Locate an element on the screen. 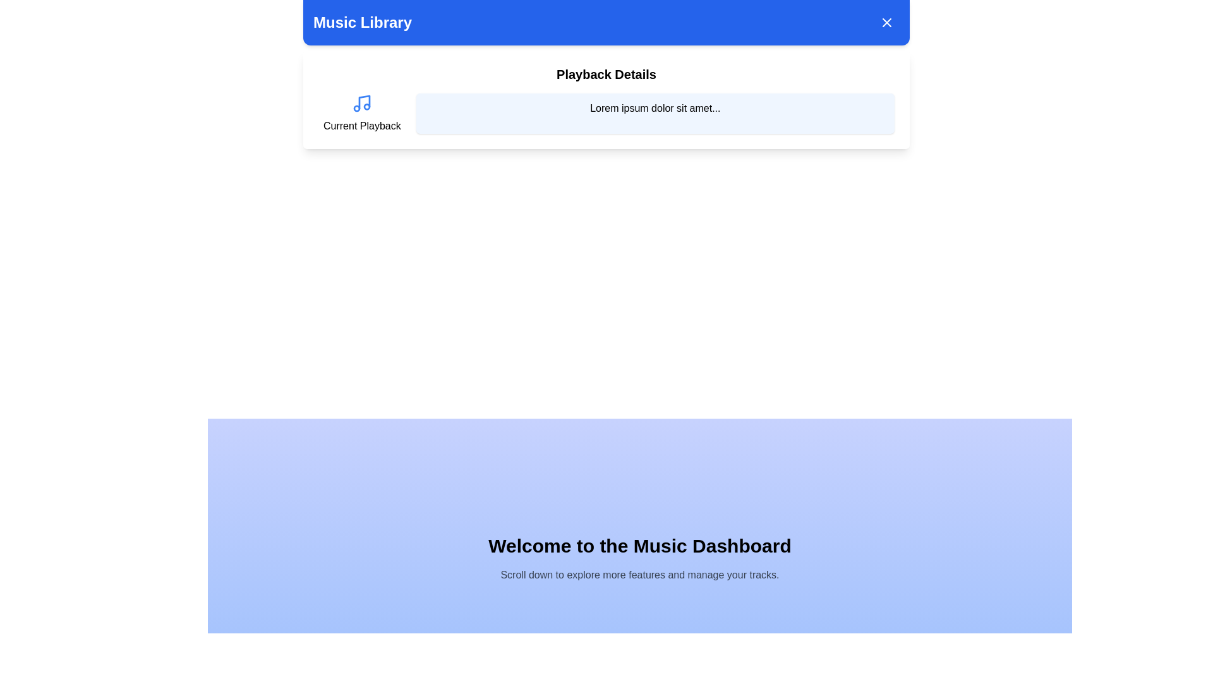 The image size is (1213, 682). text content of the label indicating the title or descriptor for the current playback section, located in the 'Playback Details' section with a music note icon above it is located at coordinates (361, 126).